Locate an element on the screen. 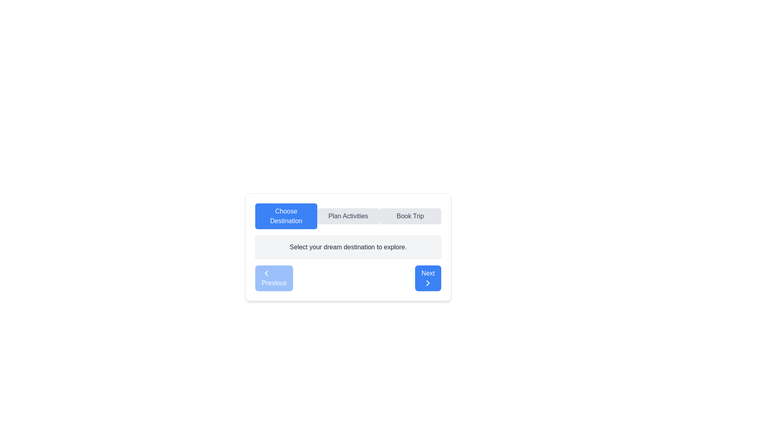 The height and width of the screenshot is (435, 773). the 'Plan Activities' button, which is a rectangular button with rounded corners and dark gray text on a light gray background is located at coordinates (348, 215).